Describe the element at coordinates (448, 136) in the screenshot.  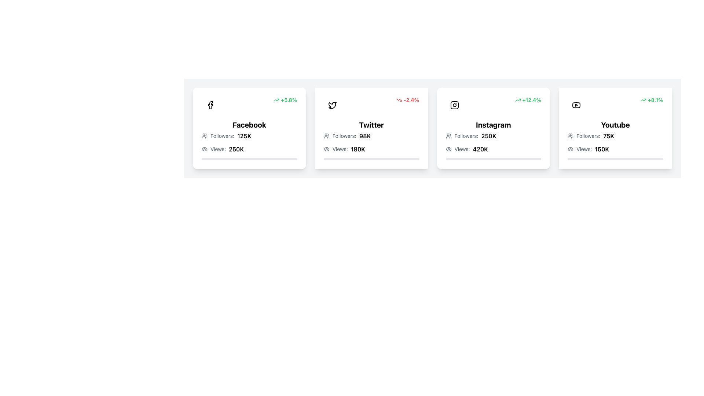
I see `the follower count icon located in the Instagram statistics card, which is adjacent to the text 'Followers: 250K'` at that location.